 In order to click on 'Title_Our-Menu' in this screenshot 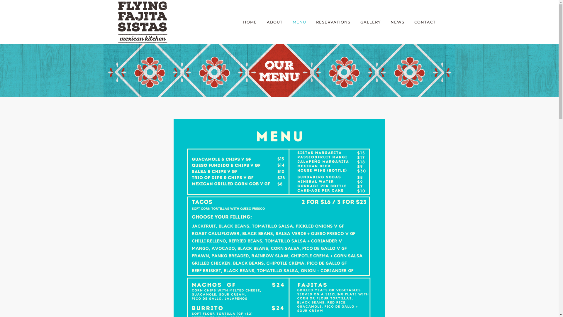, I will do `click(279, 70)`.